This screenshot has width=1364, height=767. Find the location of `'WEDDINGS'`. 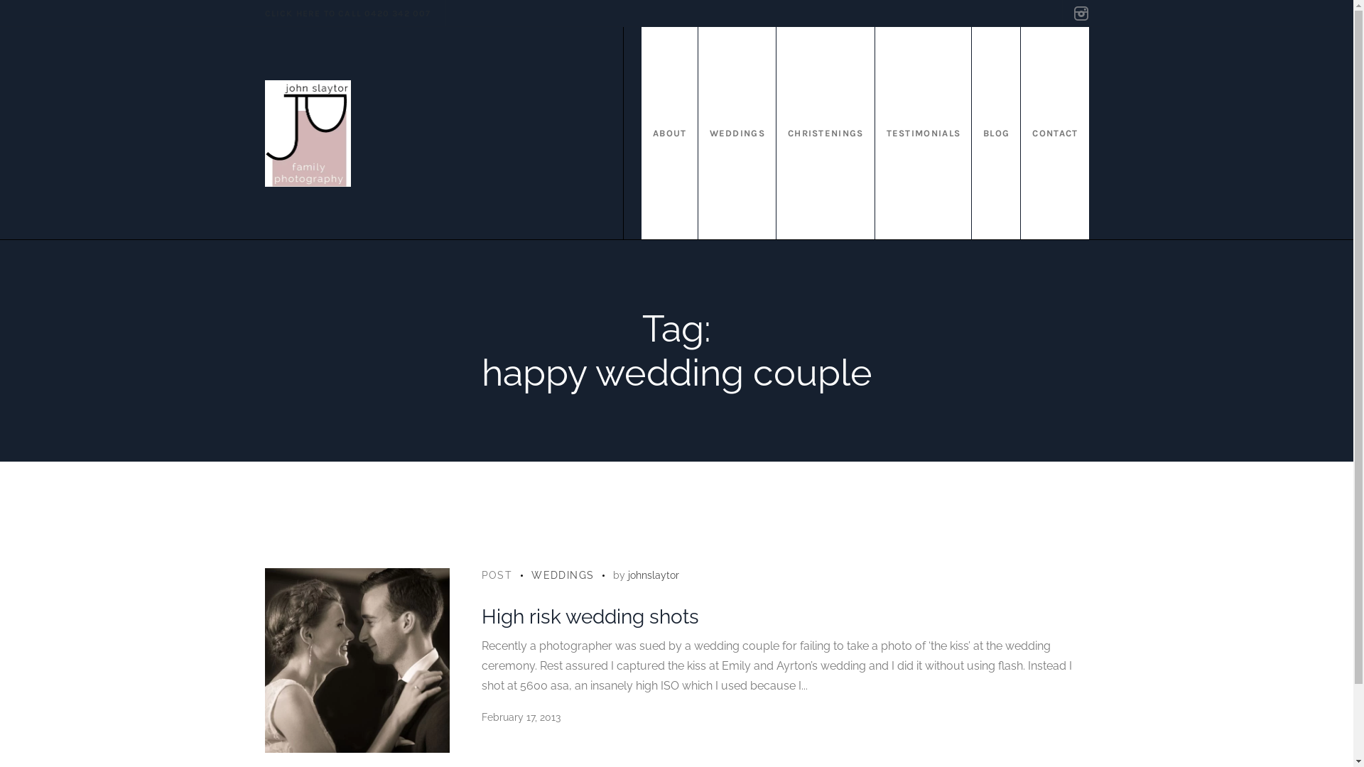

'WEDDINGS' is located at coordinates (562, 575).